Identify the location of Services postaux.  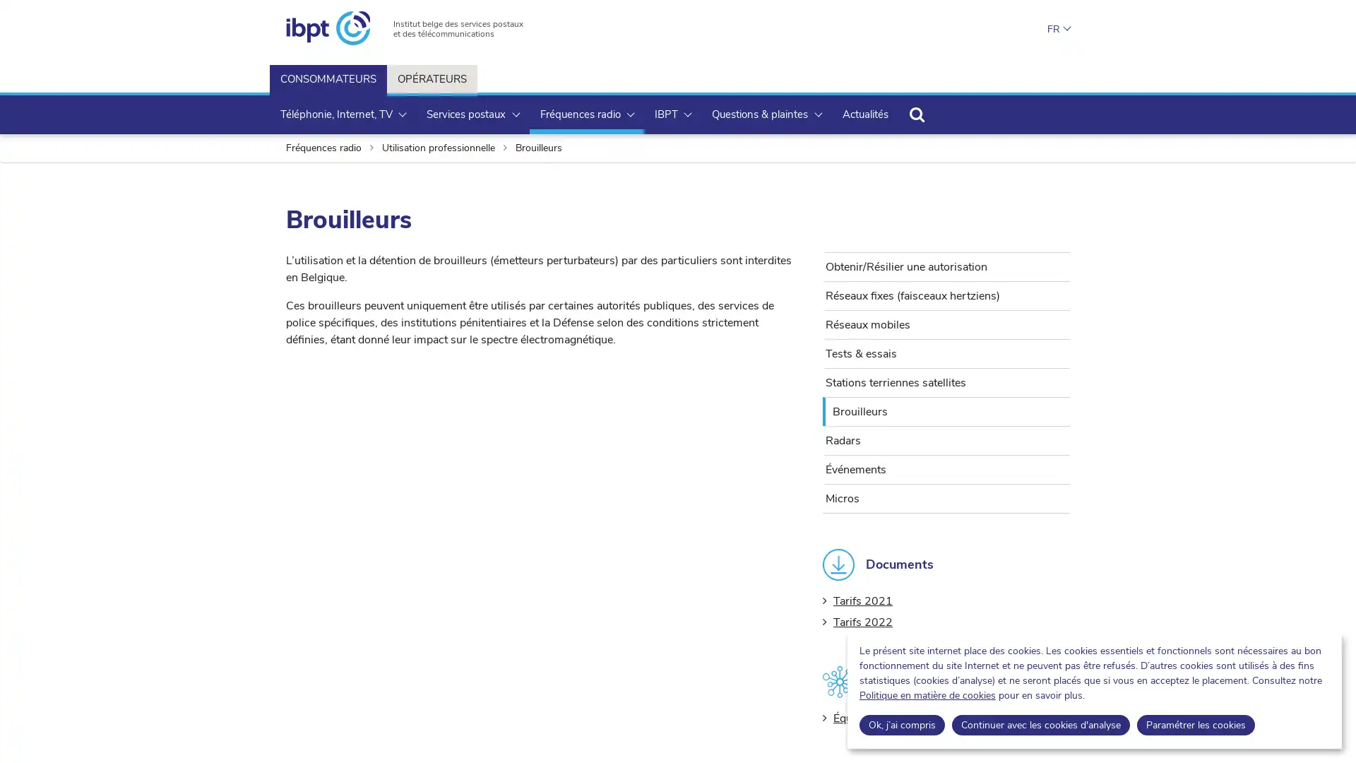
(472, 114).